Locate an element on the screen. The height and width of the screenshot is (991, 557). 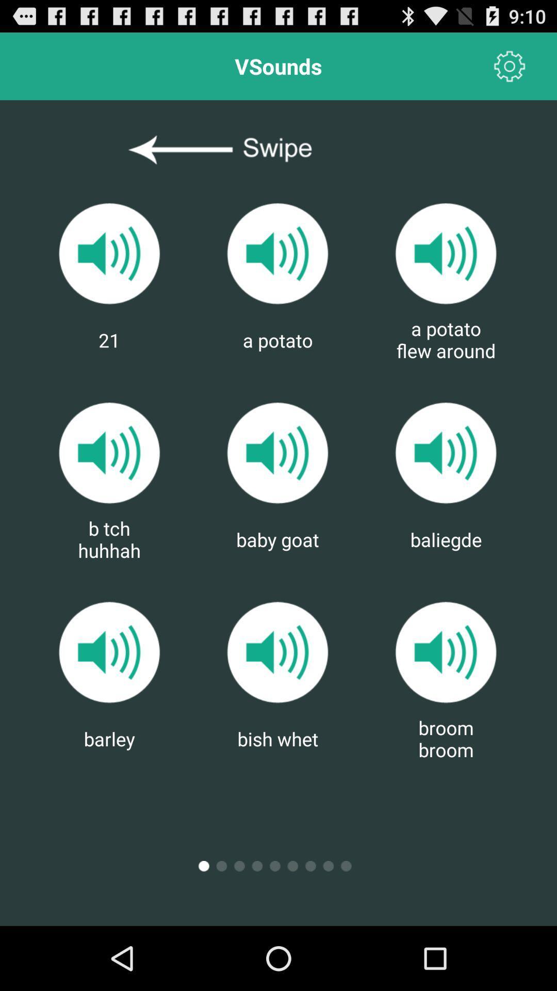
the settings icon is located at coordinates (509, 70).